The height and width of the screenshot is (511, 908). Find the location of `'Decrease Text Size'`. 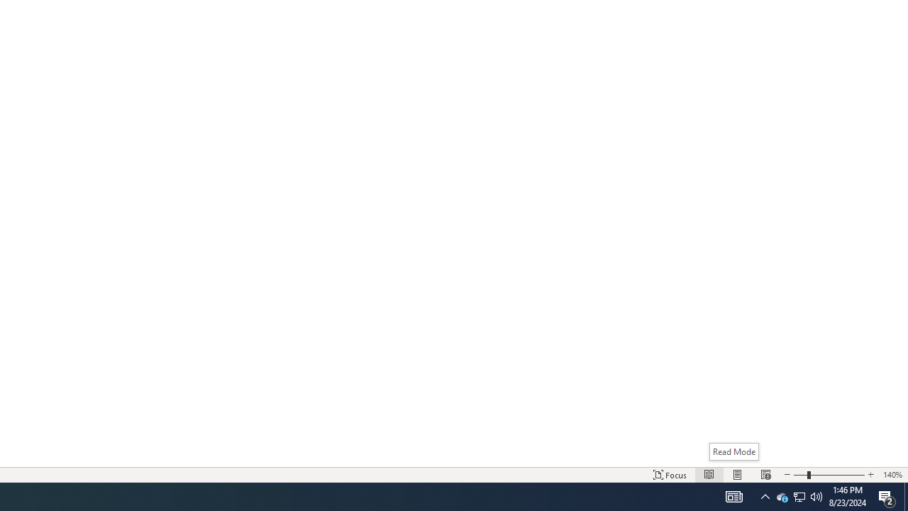

'Decrease Text Size' is located at coordinates (786, 475).